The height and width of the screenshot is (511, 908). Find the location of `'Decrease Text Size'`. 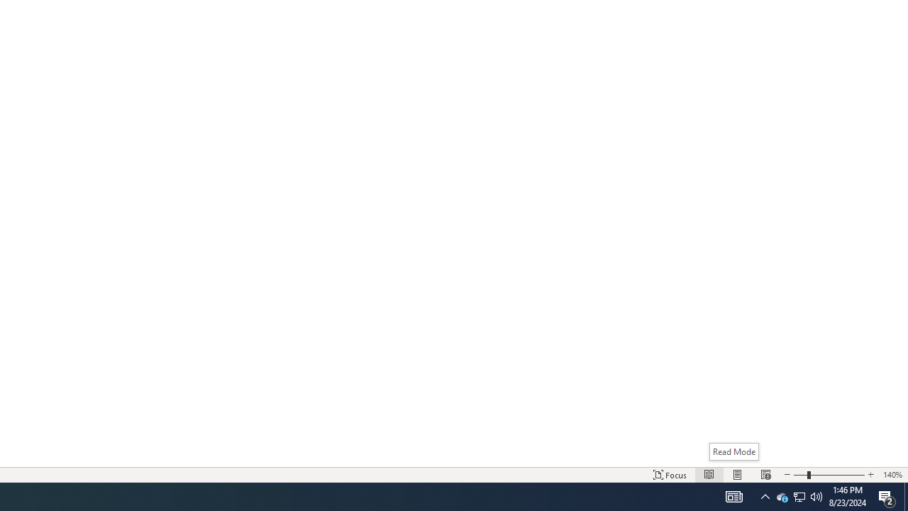

'Decrease Text Size' is located at coordinates (786, 475).